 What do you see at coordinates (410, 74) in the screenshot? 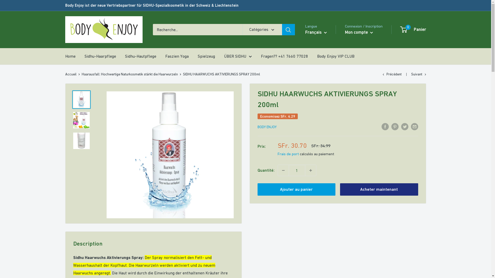
I see `'Suivant'` at bounding box center [410, 74].